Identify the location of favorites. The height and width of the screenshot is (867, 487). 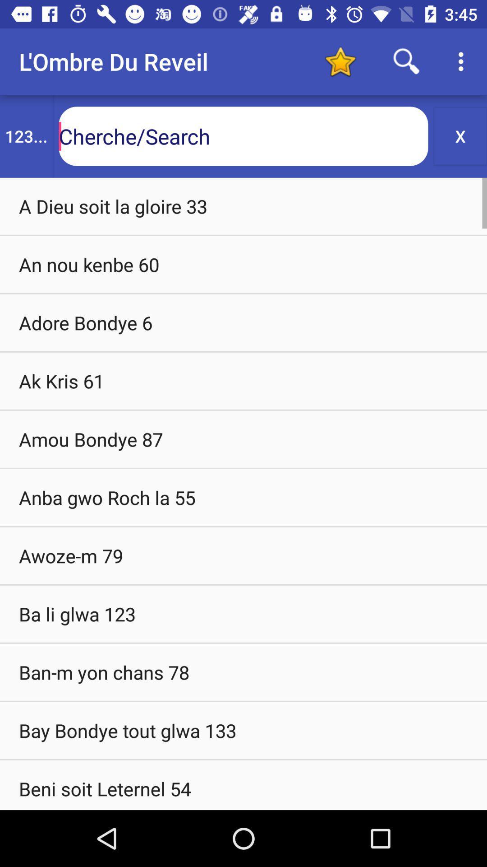
(340, 61).